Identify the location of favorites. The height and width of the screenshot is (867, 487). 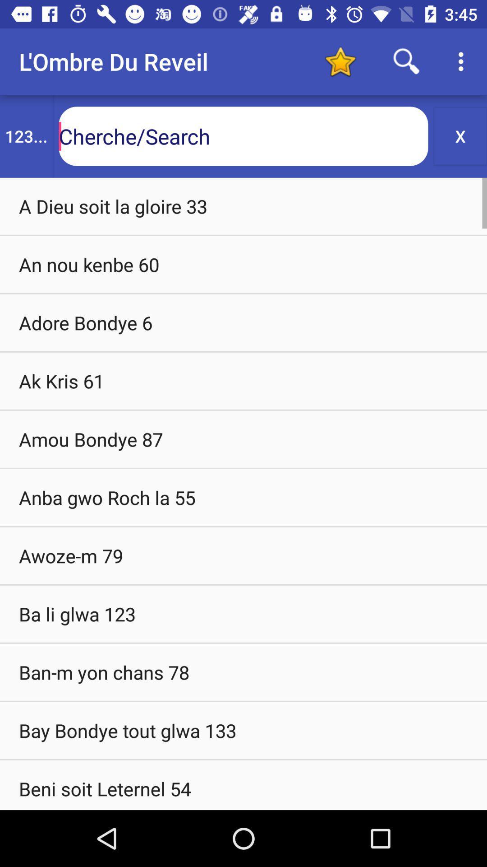
(340, 61).